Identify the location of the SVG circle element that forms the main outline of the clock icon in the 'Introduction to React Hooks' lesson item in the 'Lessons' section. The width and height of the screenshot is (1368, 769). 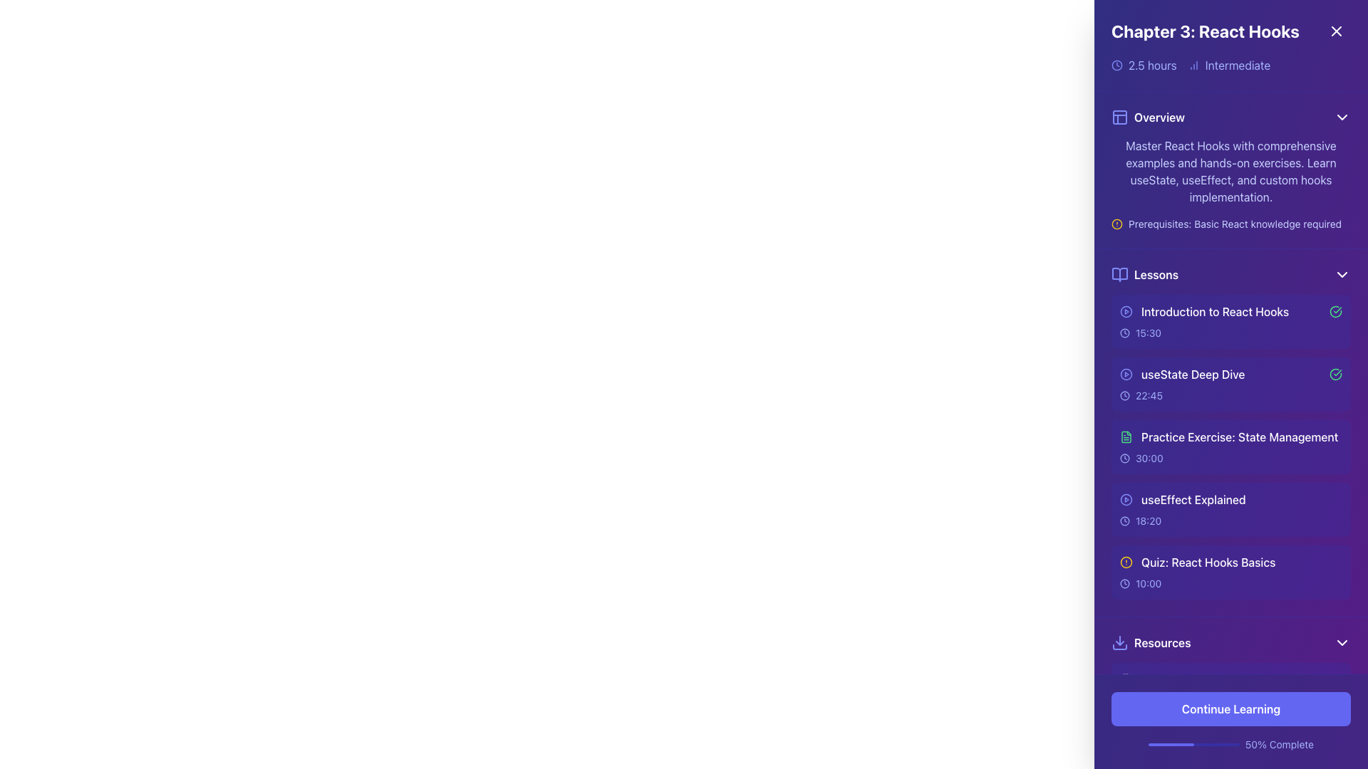
(1124, 333).